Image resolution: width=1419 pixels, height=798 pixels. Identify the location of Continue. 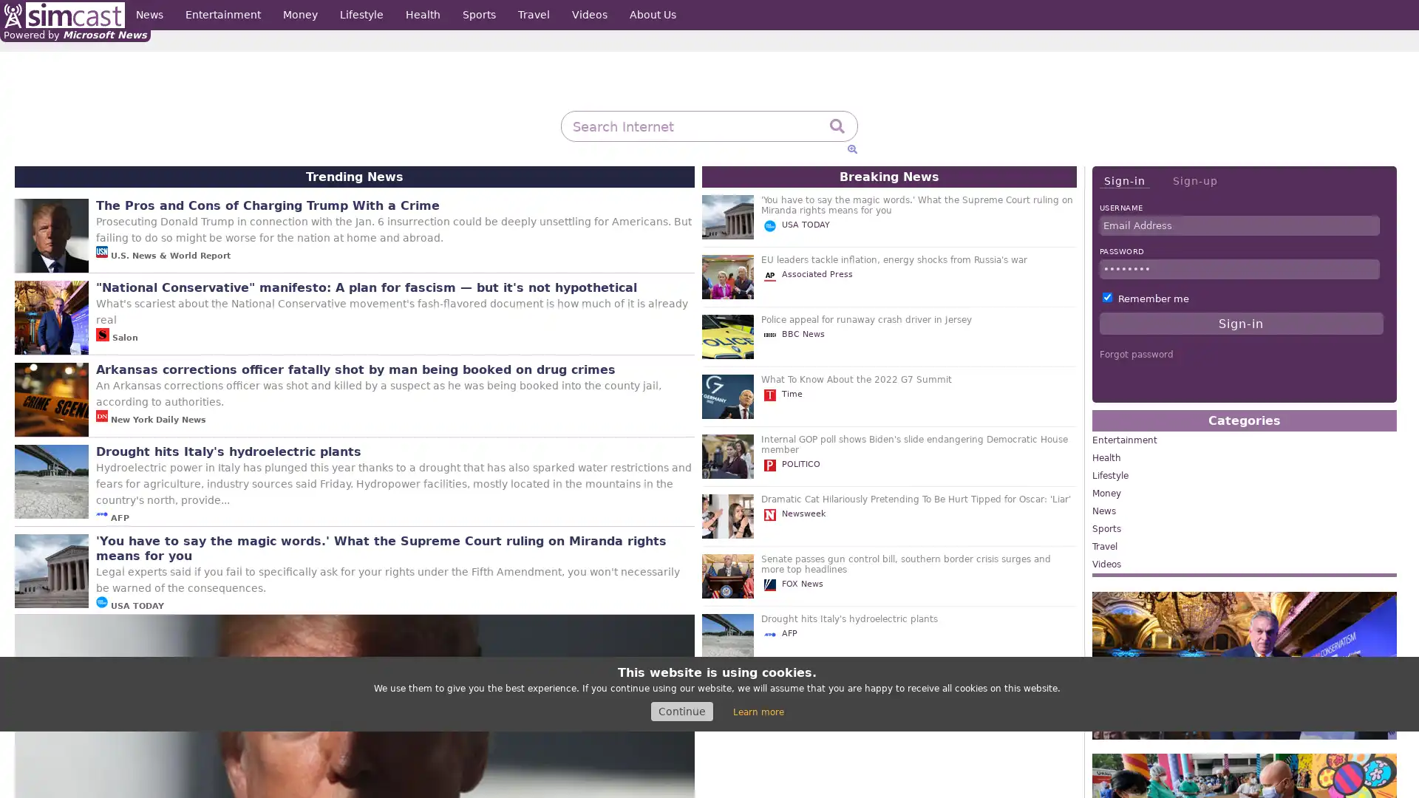
(681, 711).